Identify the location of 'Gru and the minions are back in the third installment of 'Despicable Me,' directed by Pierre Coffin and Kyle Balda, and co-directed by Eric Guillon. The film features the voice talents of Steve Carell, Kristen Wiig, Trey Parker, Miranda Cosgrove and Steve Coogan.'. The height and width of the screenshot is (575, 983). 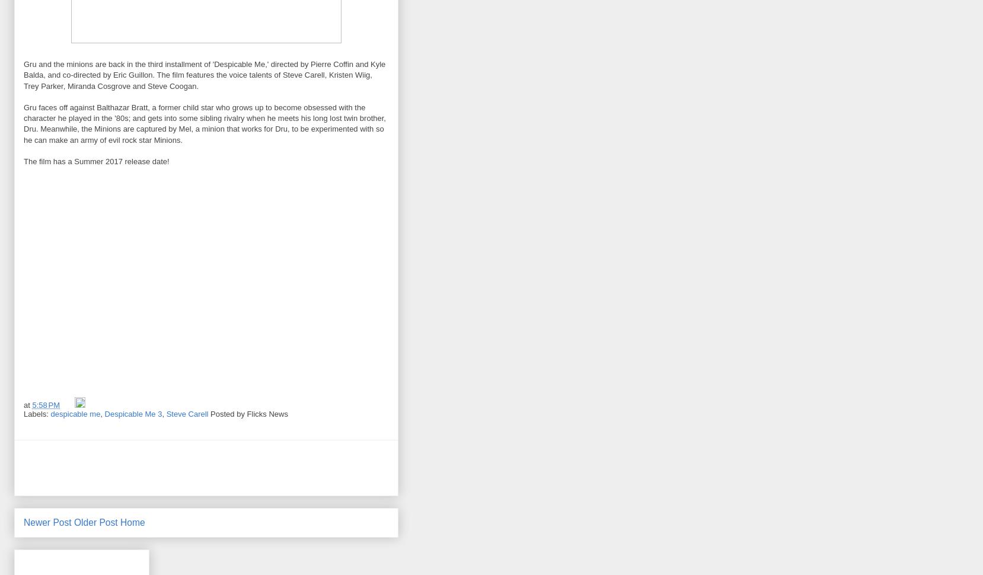
(23, 75).